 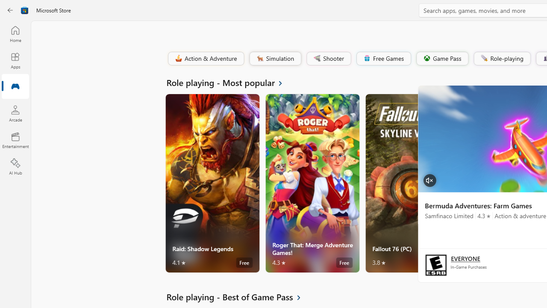 What do you see at coordinates (465, 258) in the screenshot?
I see `'Age rating: EVERYONE. Click for more information.'` at bounding box center [465, 258].